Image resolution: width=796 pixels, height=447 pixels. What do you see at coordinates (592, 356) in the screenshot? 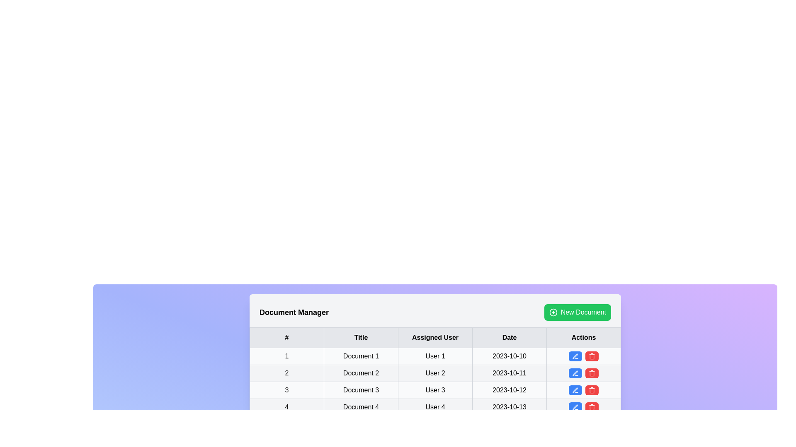
I see `the vertical rectangle part of the trash icon in the 4th row under the Actions column of the table` at bounding box center [592, 356].